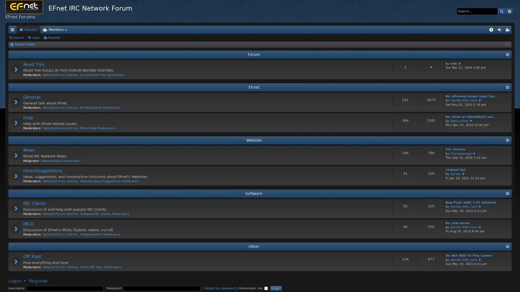 The width and height of the screenshot is (520, 292). What do you see at coordinates (501, 11) in the screenshot?
I see `Search` at bounding box center [501, 11].